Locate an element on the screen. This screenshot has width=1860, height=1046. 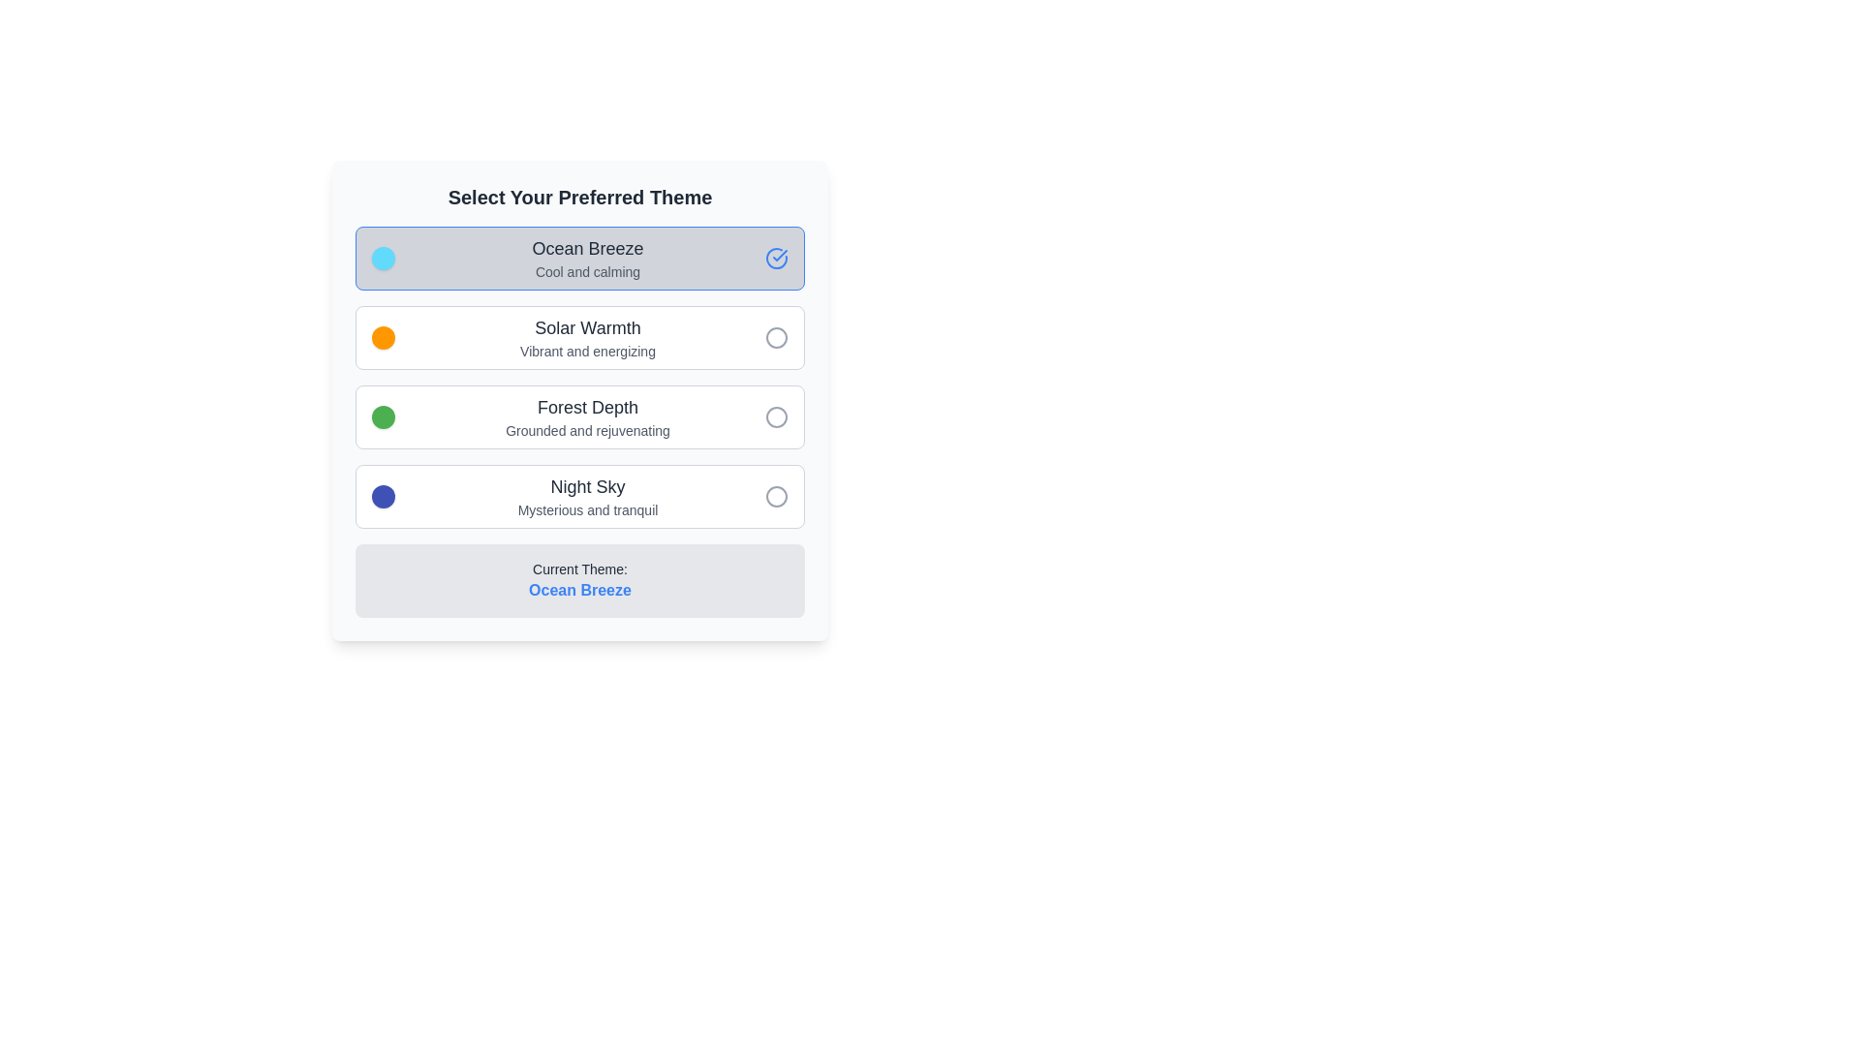
text label displaying 'Night Sky', which is styled in a medium-large bold font and located as the fourth option in a vertical stack of theme selection options is located at coordinates (586, 485).